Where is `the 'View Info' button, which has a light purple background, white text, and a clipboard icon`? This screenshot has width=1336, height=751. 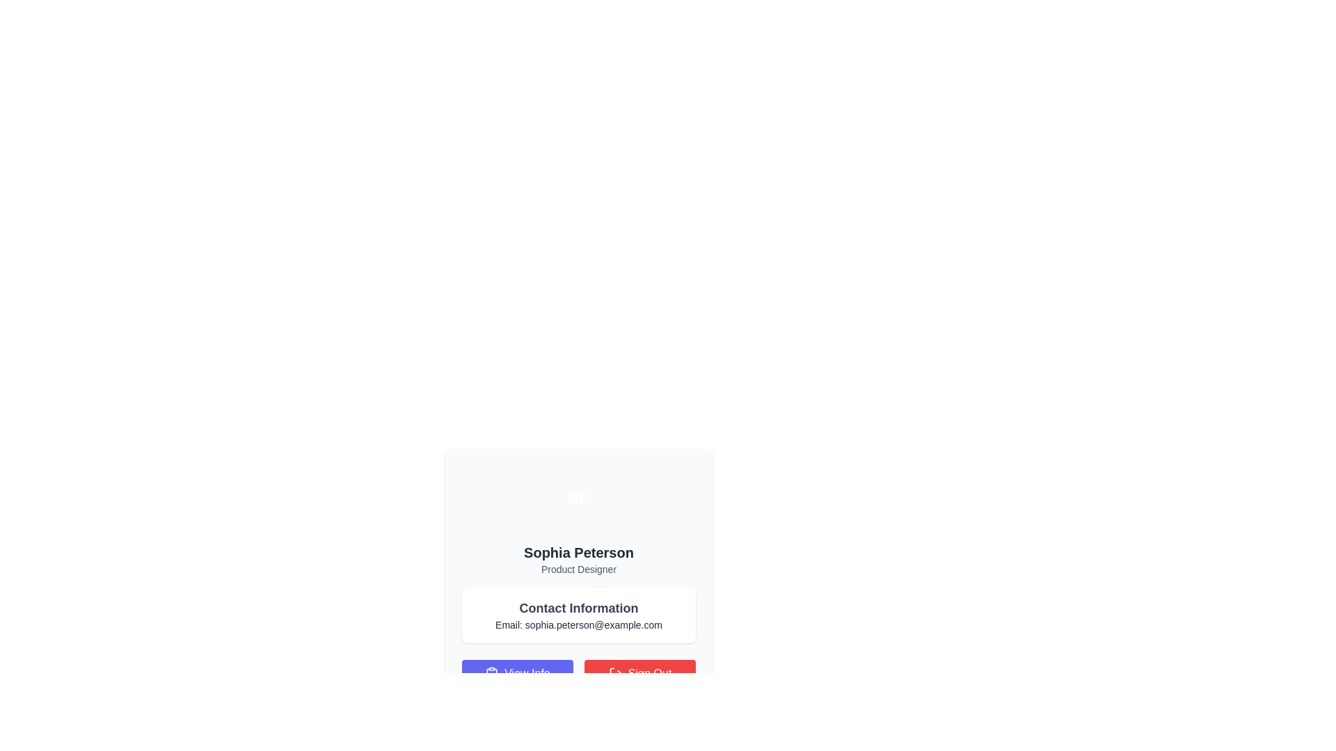 the 'View Info' button, which has a light purple background, white text, and a clipboard icon is located at coordinates (517, 672).